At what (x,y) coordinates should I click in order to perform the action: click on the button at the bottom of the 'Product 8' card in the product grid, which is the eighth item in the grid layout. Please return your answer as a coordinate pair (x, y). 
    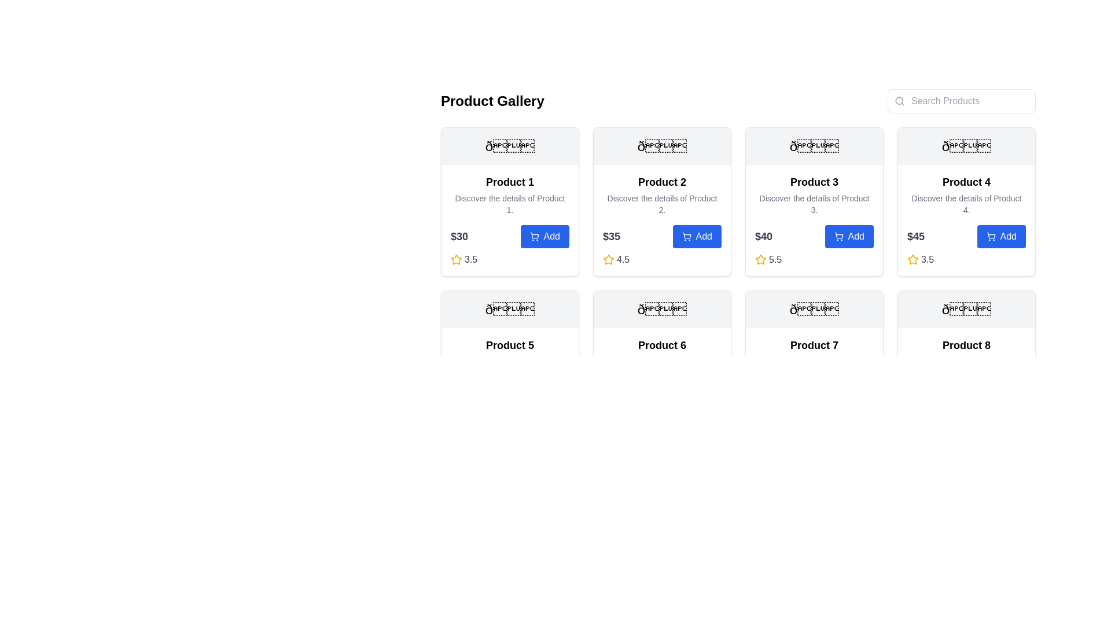
    Looking at the image, I should click on (966, 365).